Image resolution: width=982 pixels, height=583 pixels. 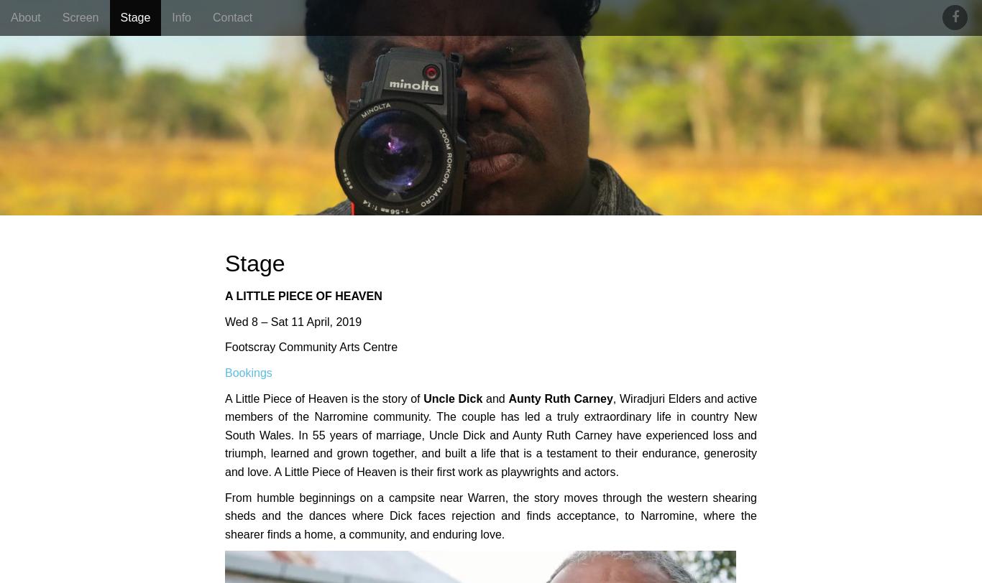 I want to click on 'A LITTLE PIECE OF HEAVEN', so click(x=224, y=296).